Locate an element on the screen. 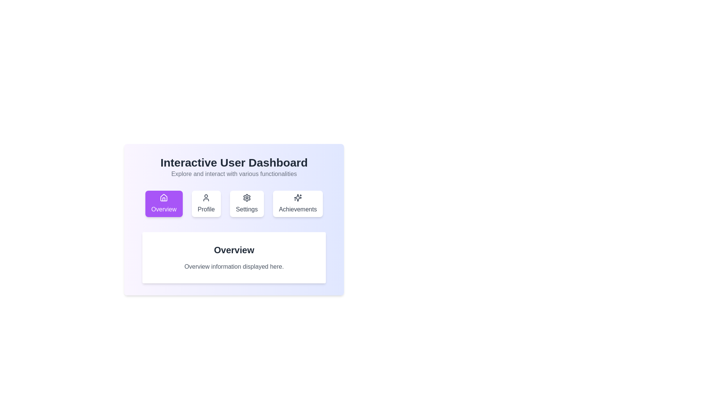  the 'Overview' icon located at the top-left of the navigation menu is located at coordinates (164, 197).